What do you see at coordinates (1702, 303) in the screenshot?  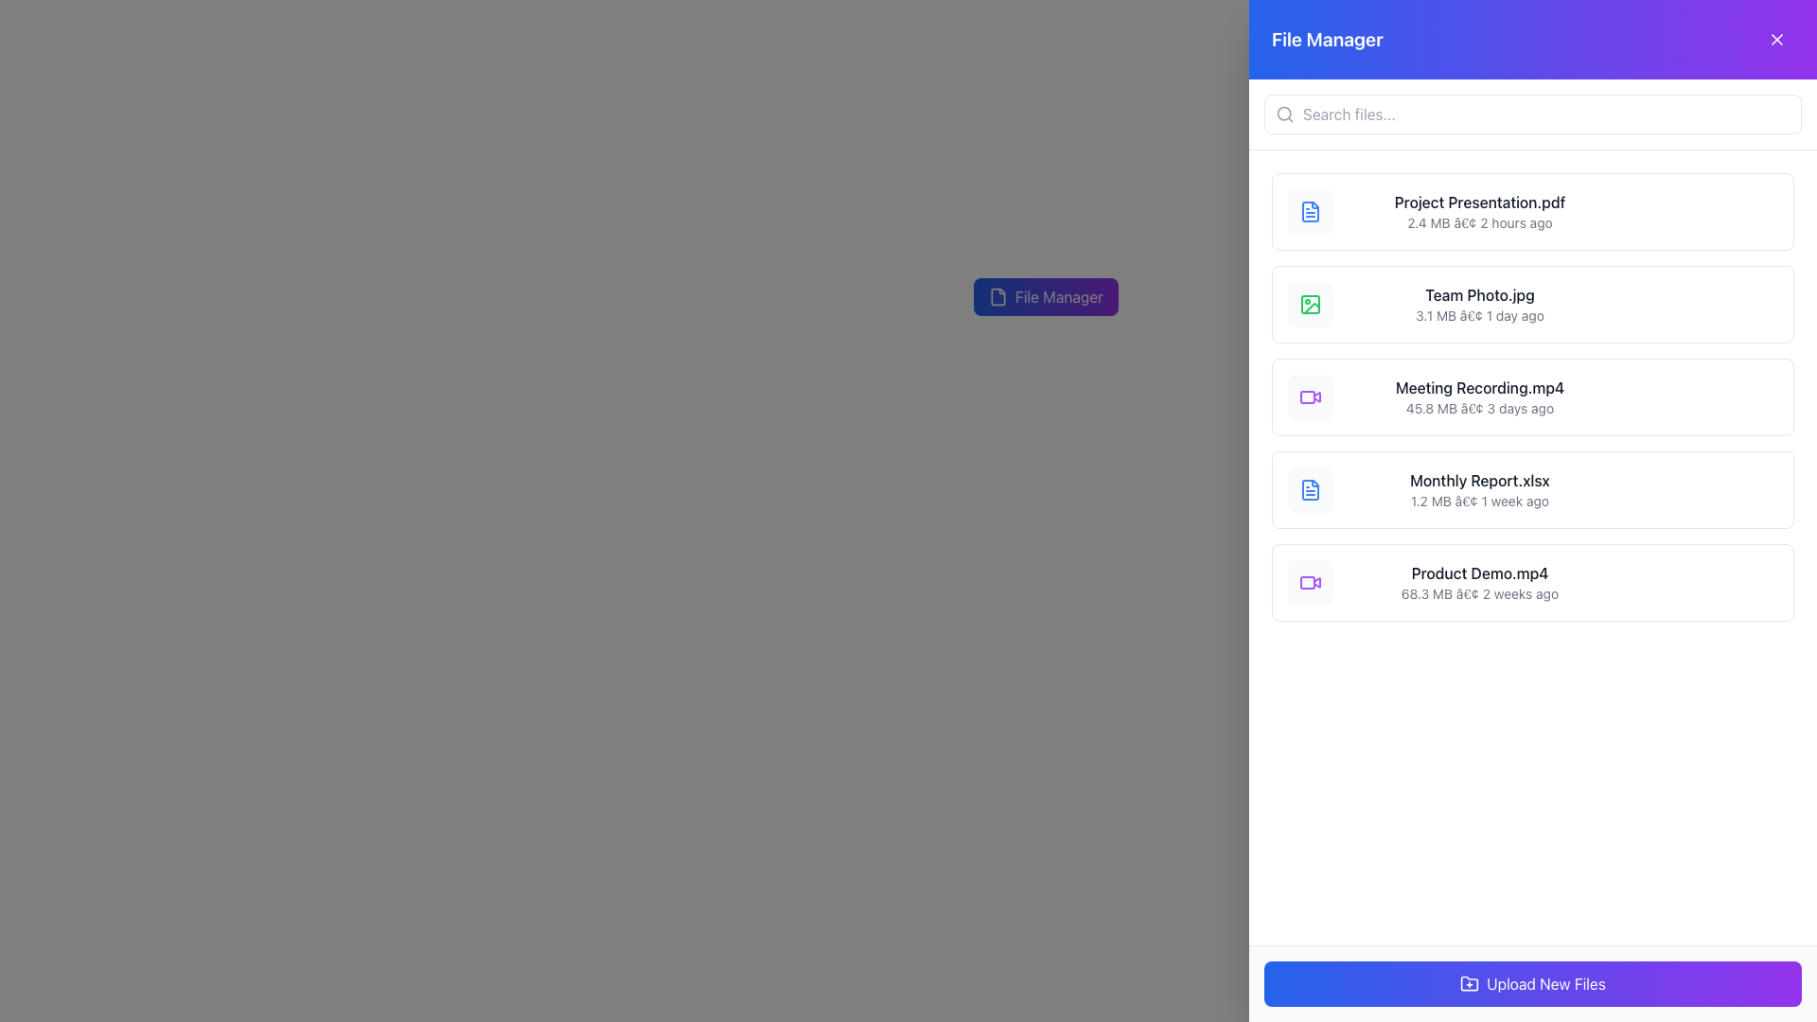 I see `the interactive button group containing icons for 'Share', 'Download', and 'Delete', located towards the right side of the 'Team Photo.jpg' entry in the file manager interface` at bounding box center [1702, 303].